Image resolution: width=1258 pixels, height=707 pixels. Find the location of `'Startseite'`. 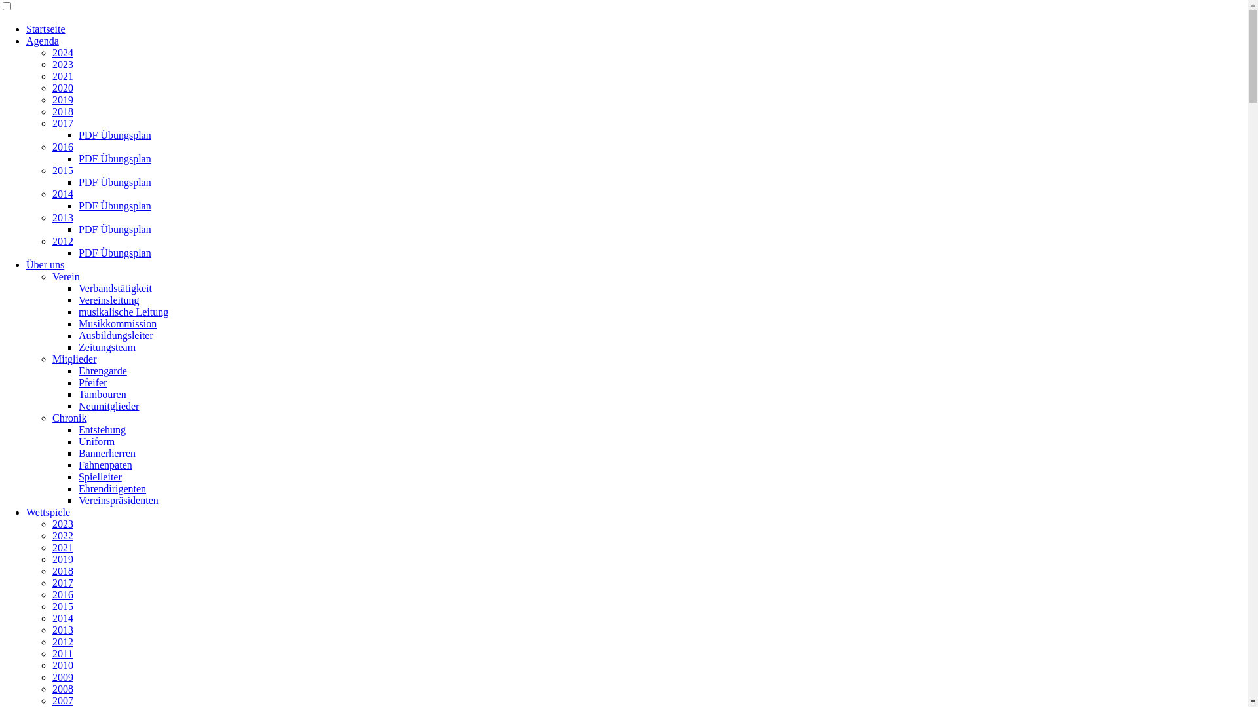

'Startseite' is located at coordinates (26, 29).